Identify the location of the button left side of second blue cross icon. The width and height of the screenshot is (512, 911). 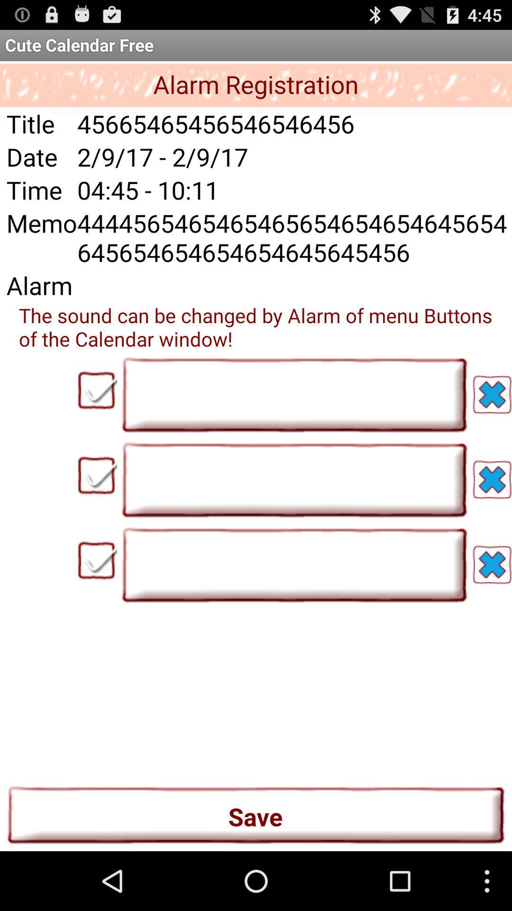
(294, 480).